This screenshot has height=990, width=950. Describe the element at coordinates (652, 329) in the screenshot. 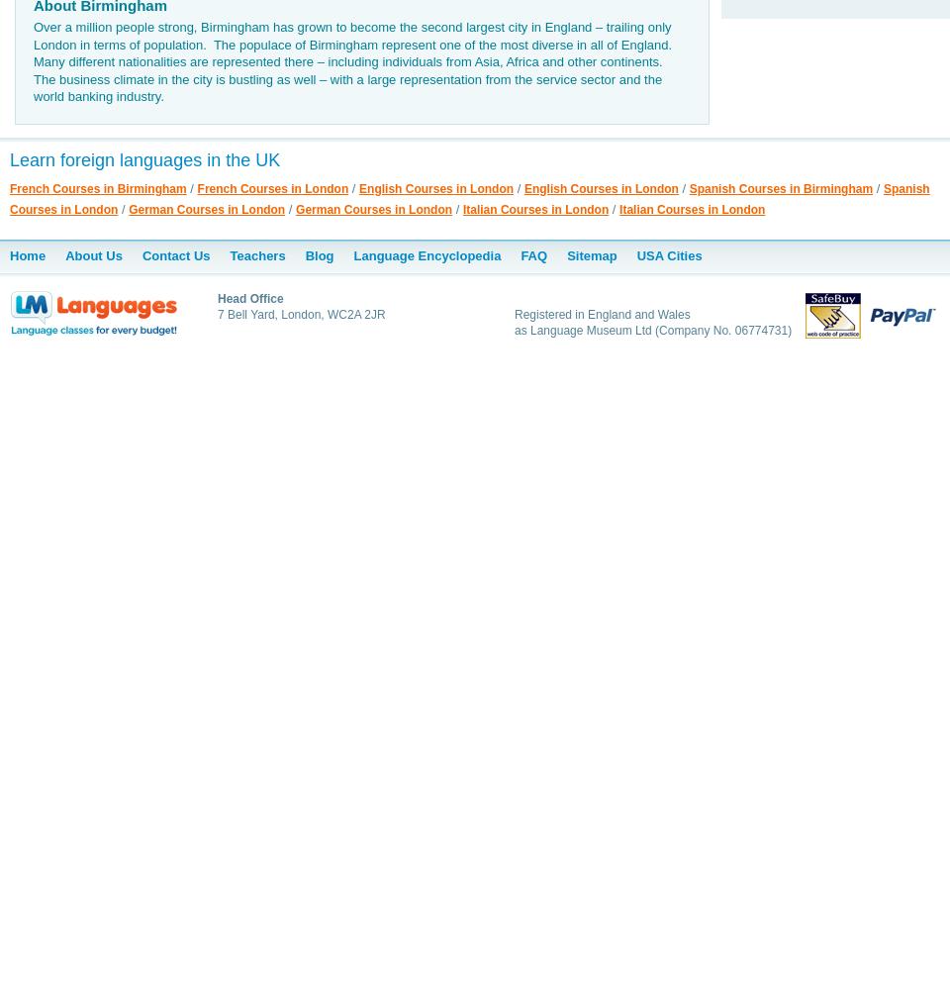

I see `'as Language Museum Ltd (Company No. 06774731)'` at that location.